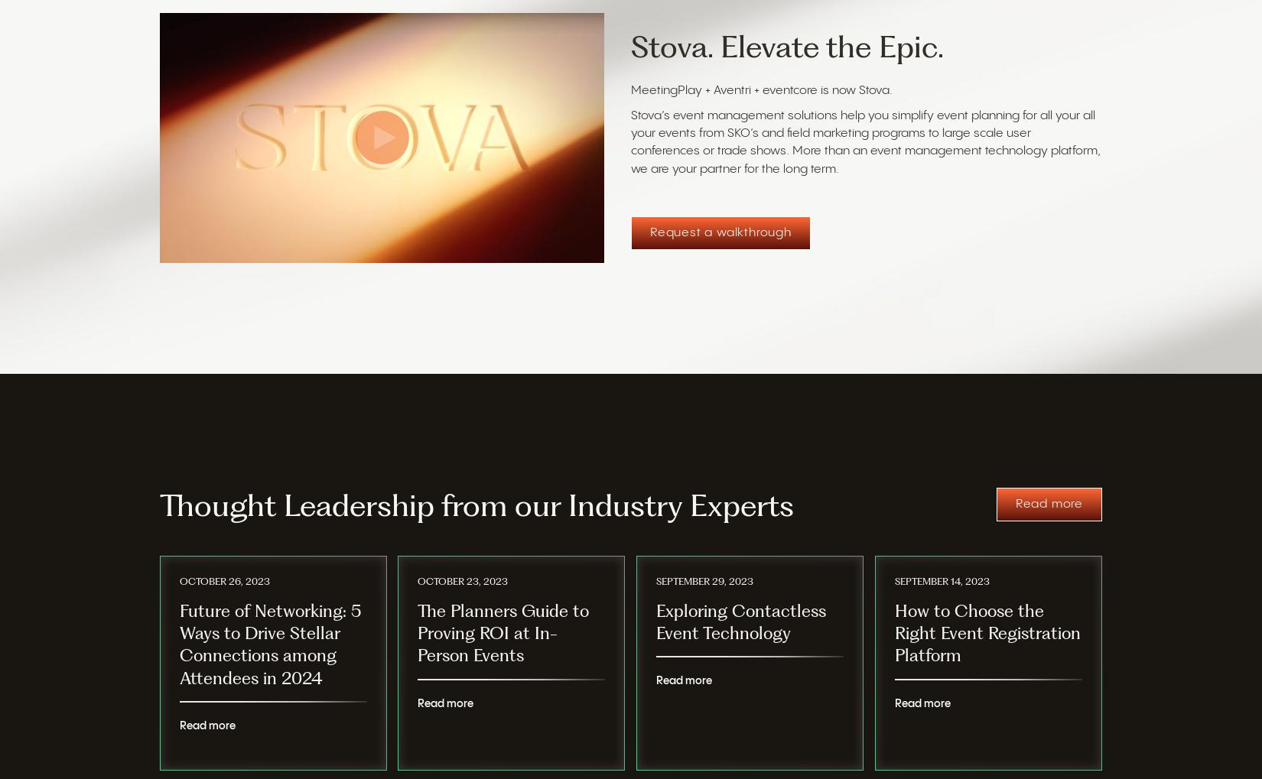 The width and height of the screenshot is (1262, 779). Describe the element at coordinates (160, 505) in the screenshot. I see `'Thought Leadership from our Industry Experts'` at that location.